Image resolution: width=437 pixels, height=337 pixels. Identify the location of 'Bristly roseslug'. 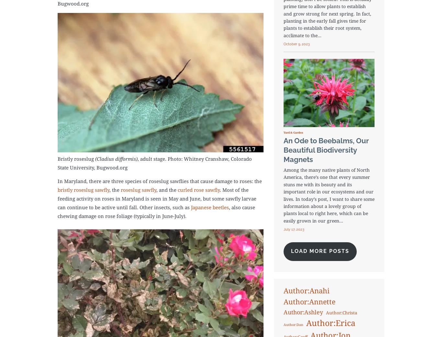
(76, 158).